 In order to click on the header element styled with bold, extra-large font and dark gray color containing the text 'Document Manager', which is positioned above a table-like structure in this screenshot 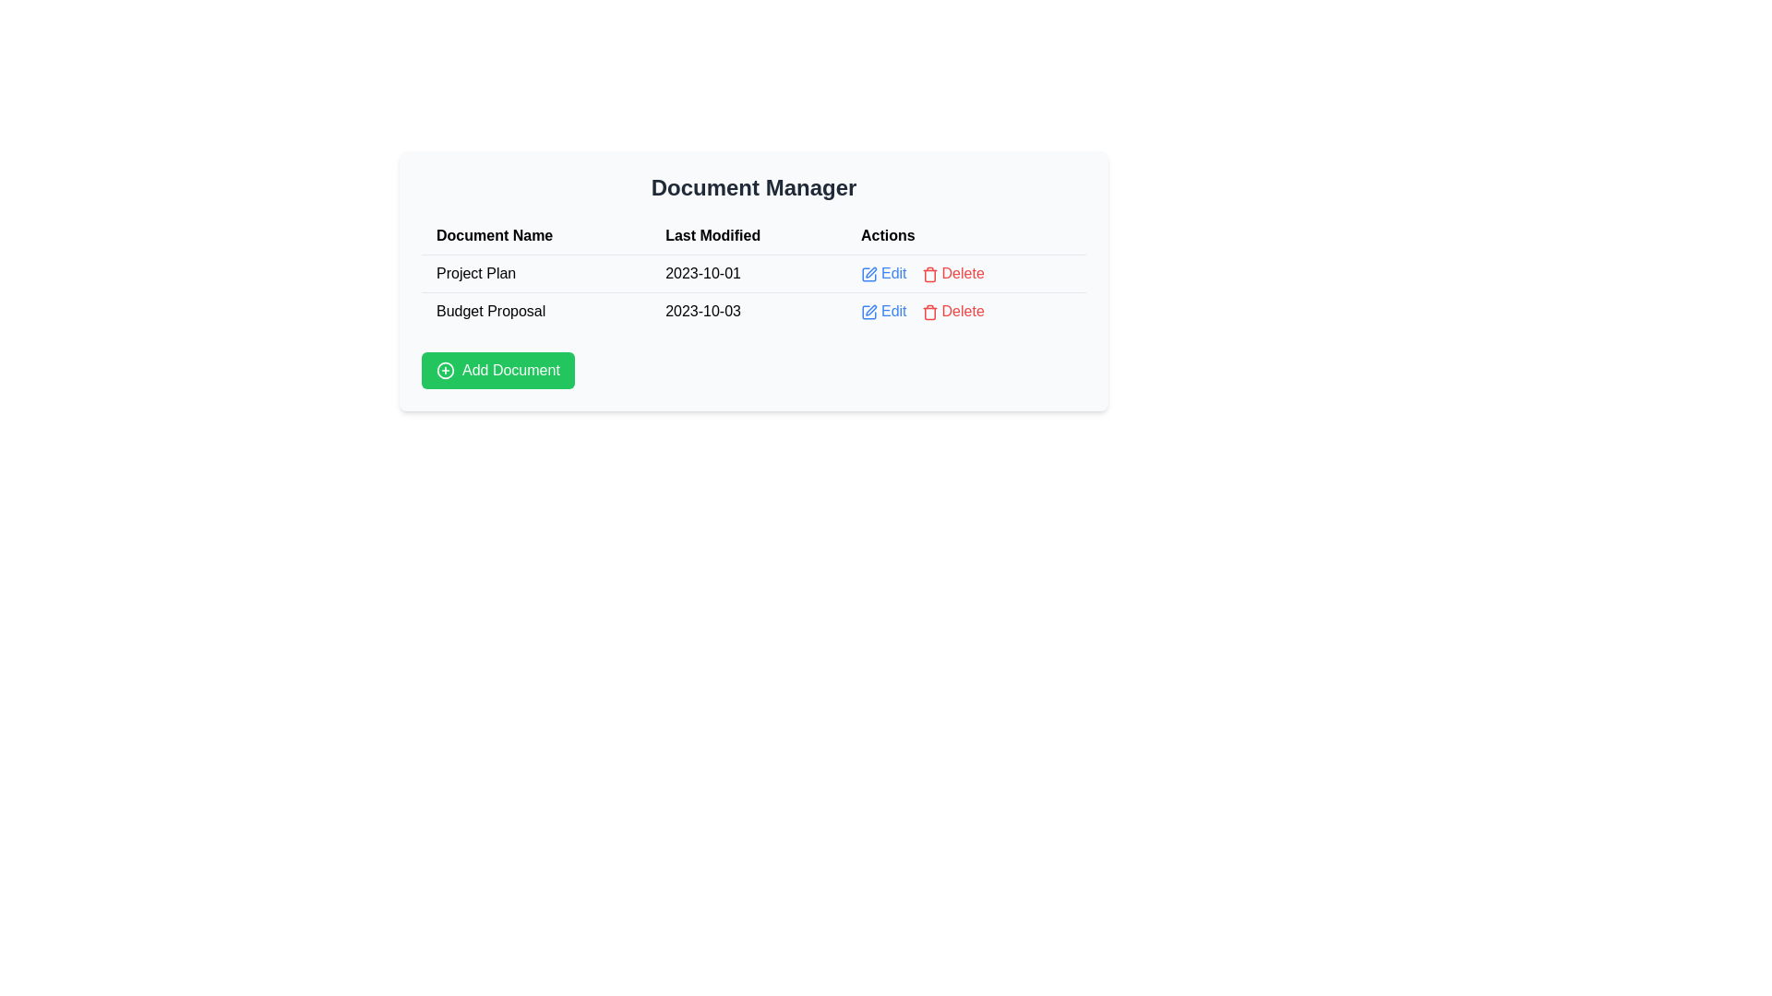, I will do `click(753, 188)`.